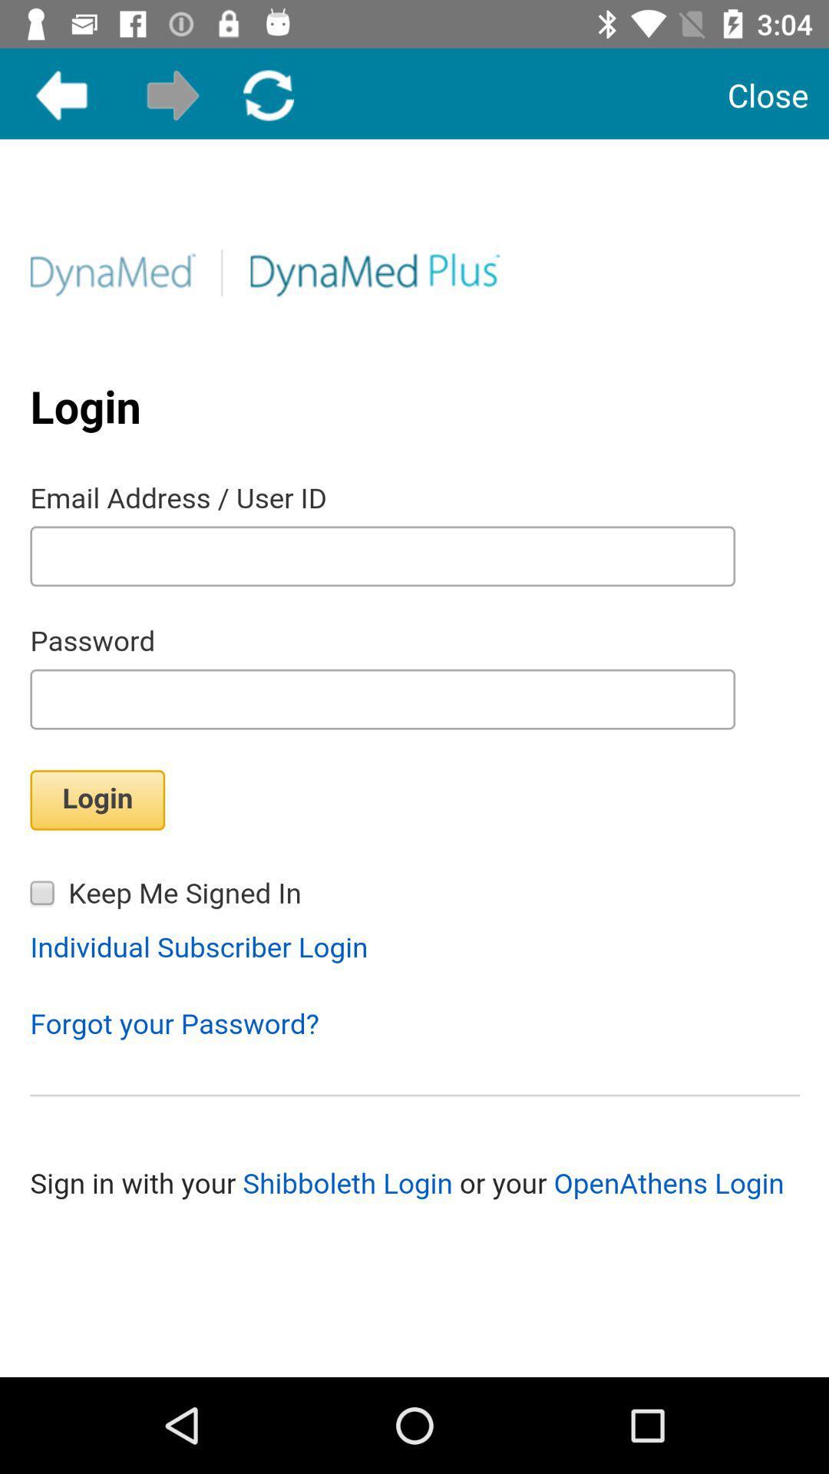  What do you see at coordinates (268, 94) in the screenshot?
I see `refresh page` at bounding box center [268, 94].